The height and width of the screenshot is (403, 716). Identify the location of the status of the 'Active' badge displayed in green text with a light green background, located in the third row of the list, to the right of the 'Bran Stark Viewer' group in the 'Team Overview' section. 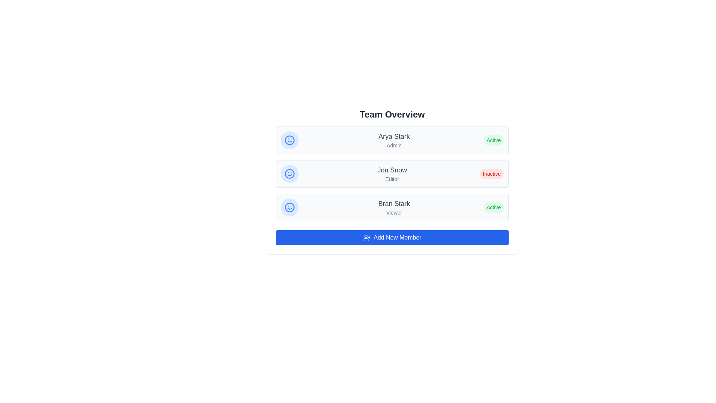
(494, 207).